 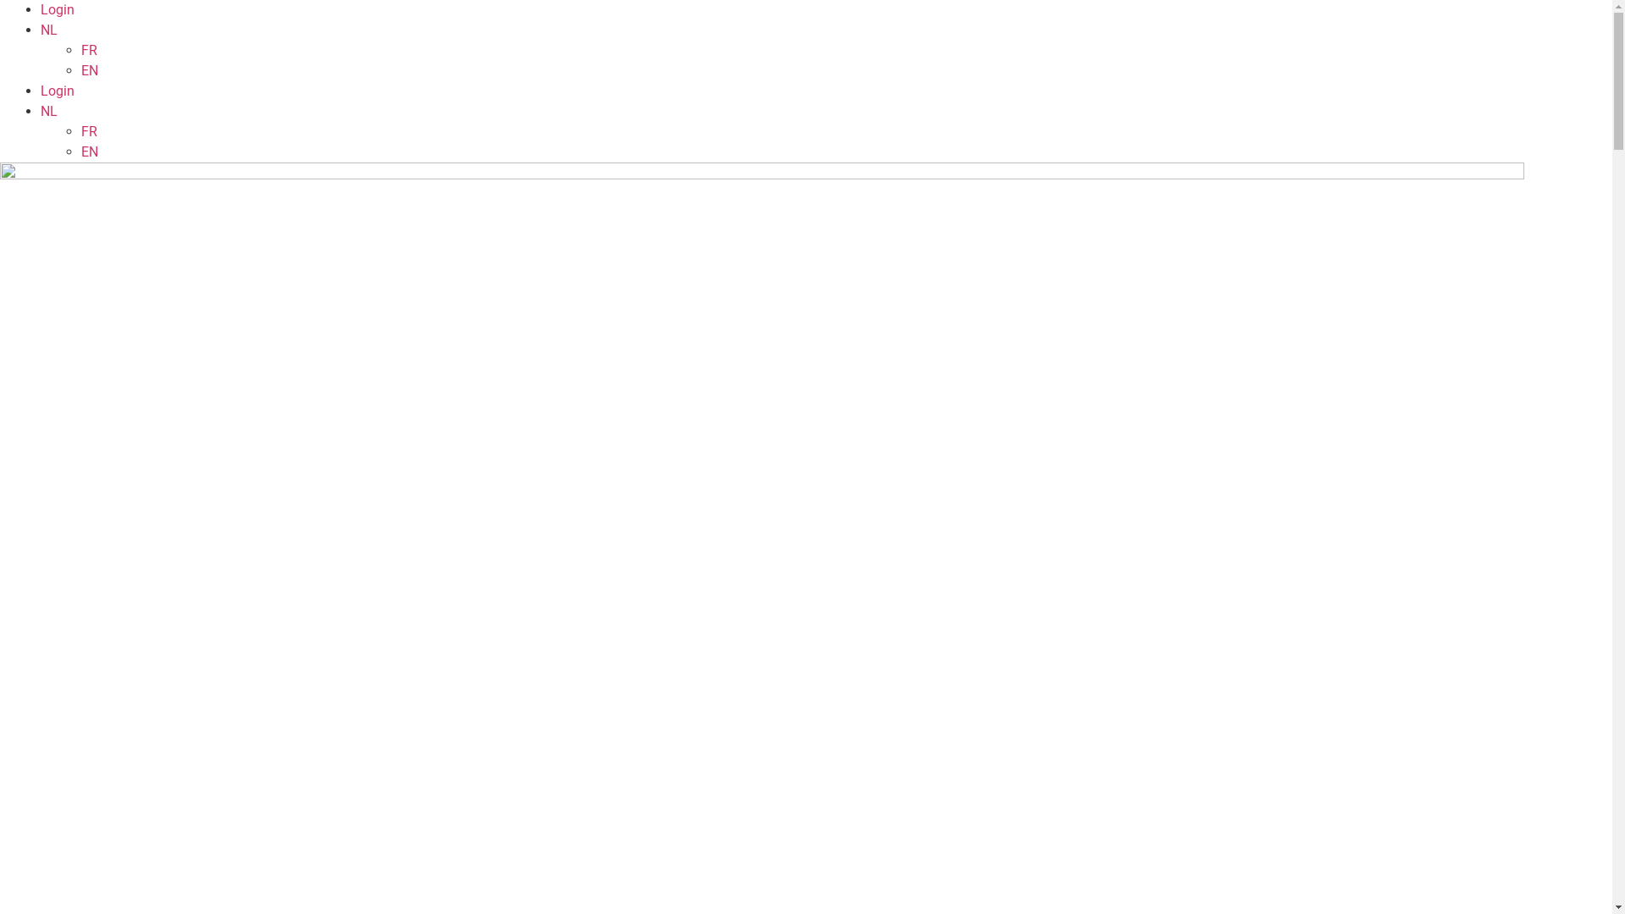 I want to click on 'EN', so click(x=88, y=151).